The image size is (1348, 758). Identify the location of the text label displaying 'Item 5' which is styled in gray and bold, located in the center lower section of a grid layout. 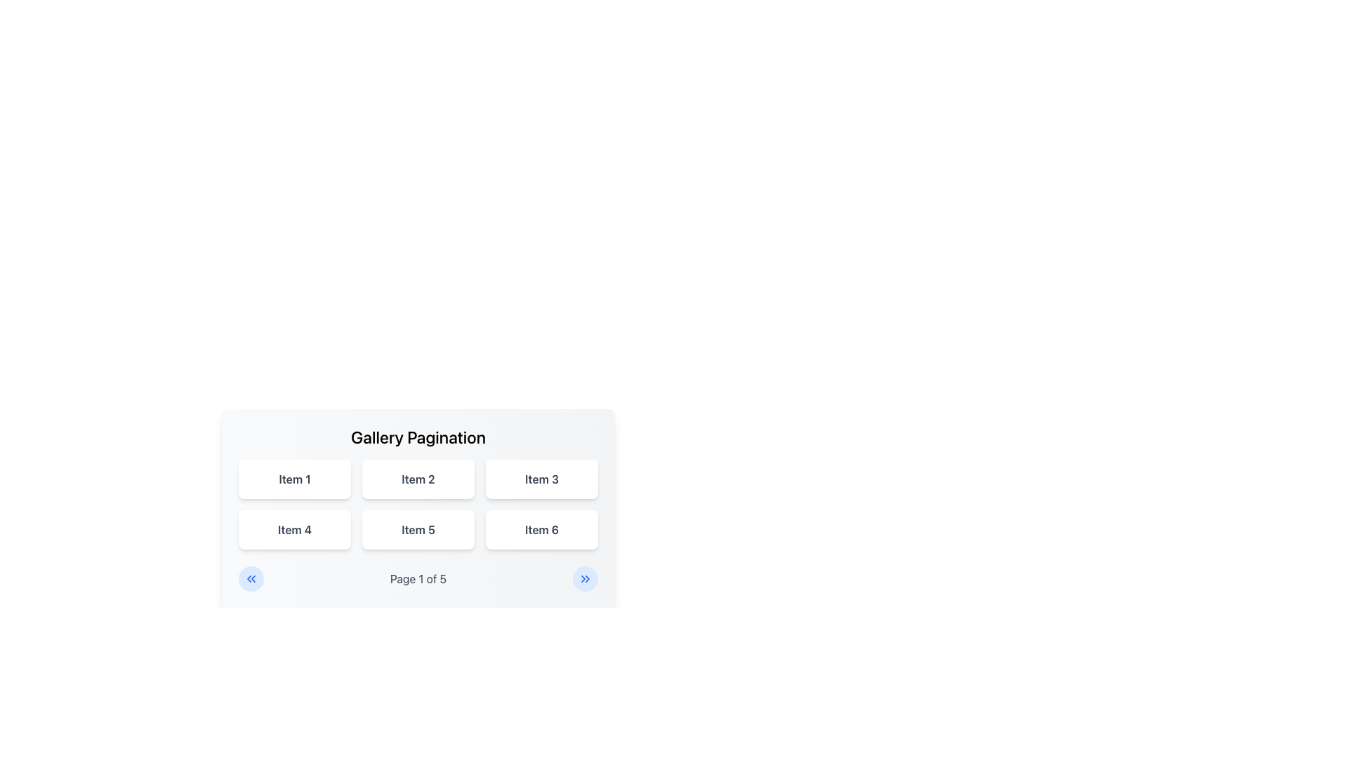
(417, 530).